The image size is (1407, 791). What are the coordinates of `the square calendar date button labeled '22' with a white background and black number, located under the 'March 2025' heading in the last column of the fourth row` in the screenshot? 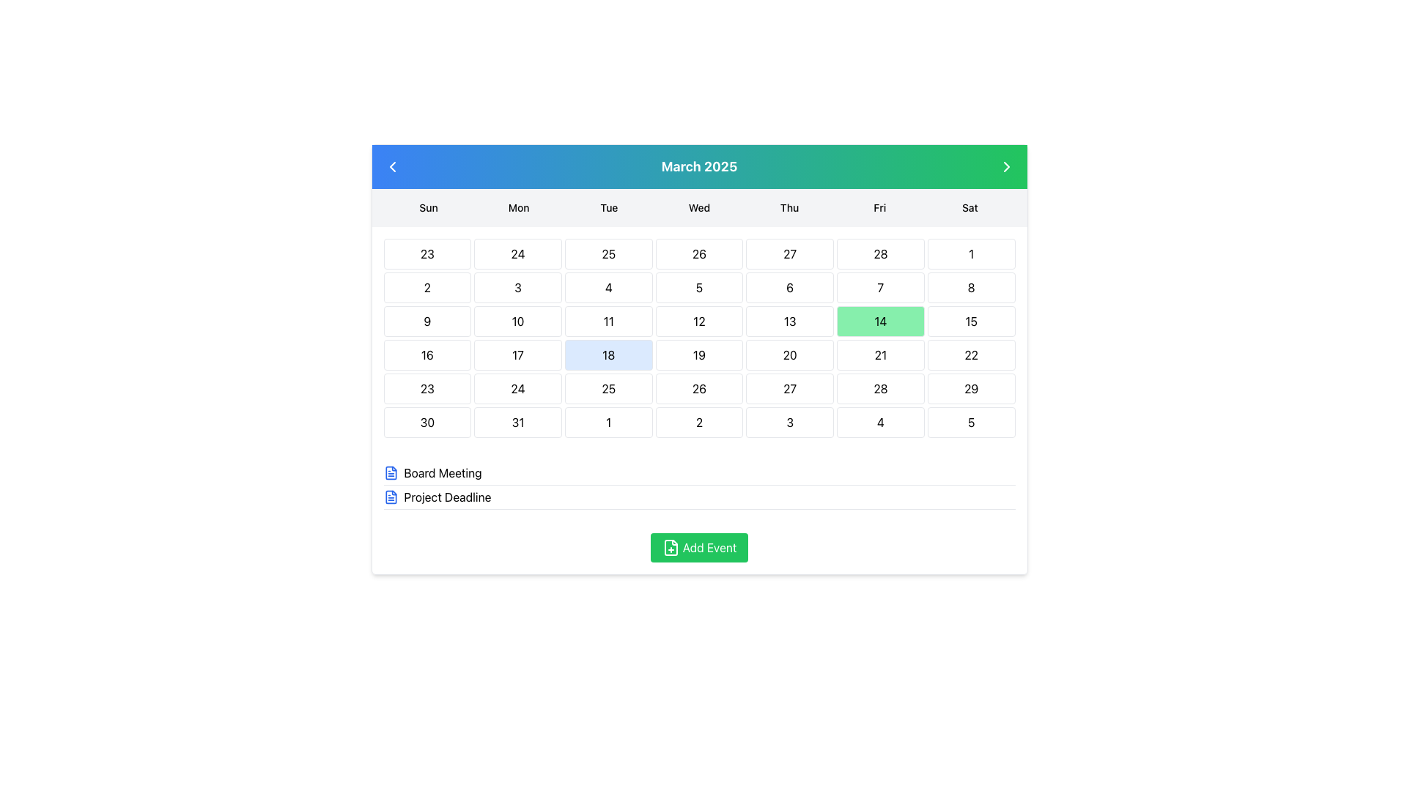 It's located at (971, 355).